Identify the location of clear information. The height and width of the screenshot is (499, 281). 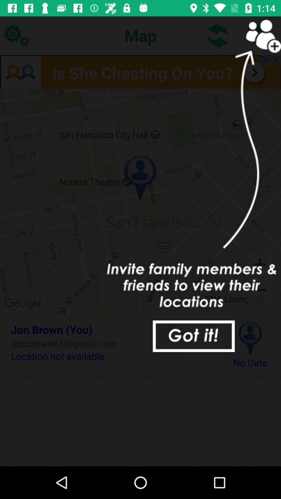
(194, 336).